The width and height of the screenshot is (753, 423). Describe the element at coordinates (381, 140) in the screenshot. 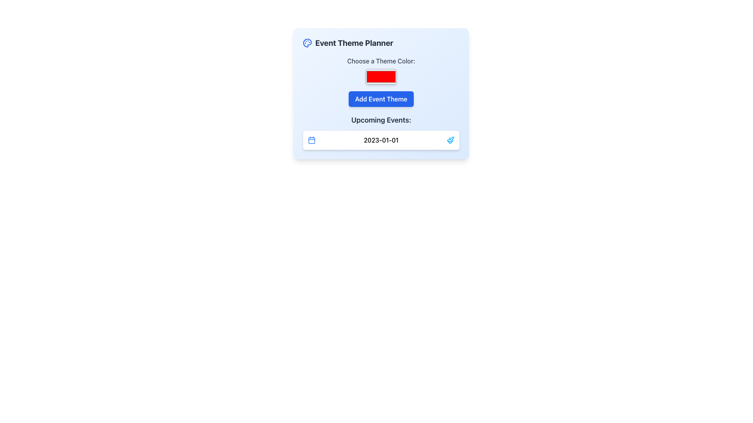

I see `the Display Section that shows the date associated with an event, located below the 'Upcoming Events:' label in a white box` at that location.